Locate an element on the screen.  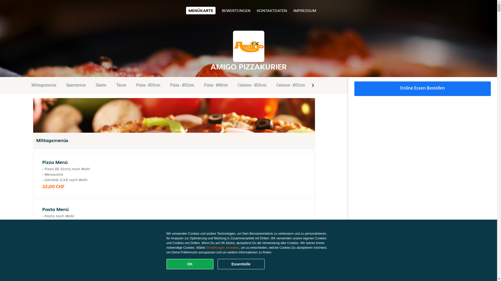
'Einstellungen verwalten' is located at coordinates (223, 247).